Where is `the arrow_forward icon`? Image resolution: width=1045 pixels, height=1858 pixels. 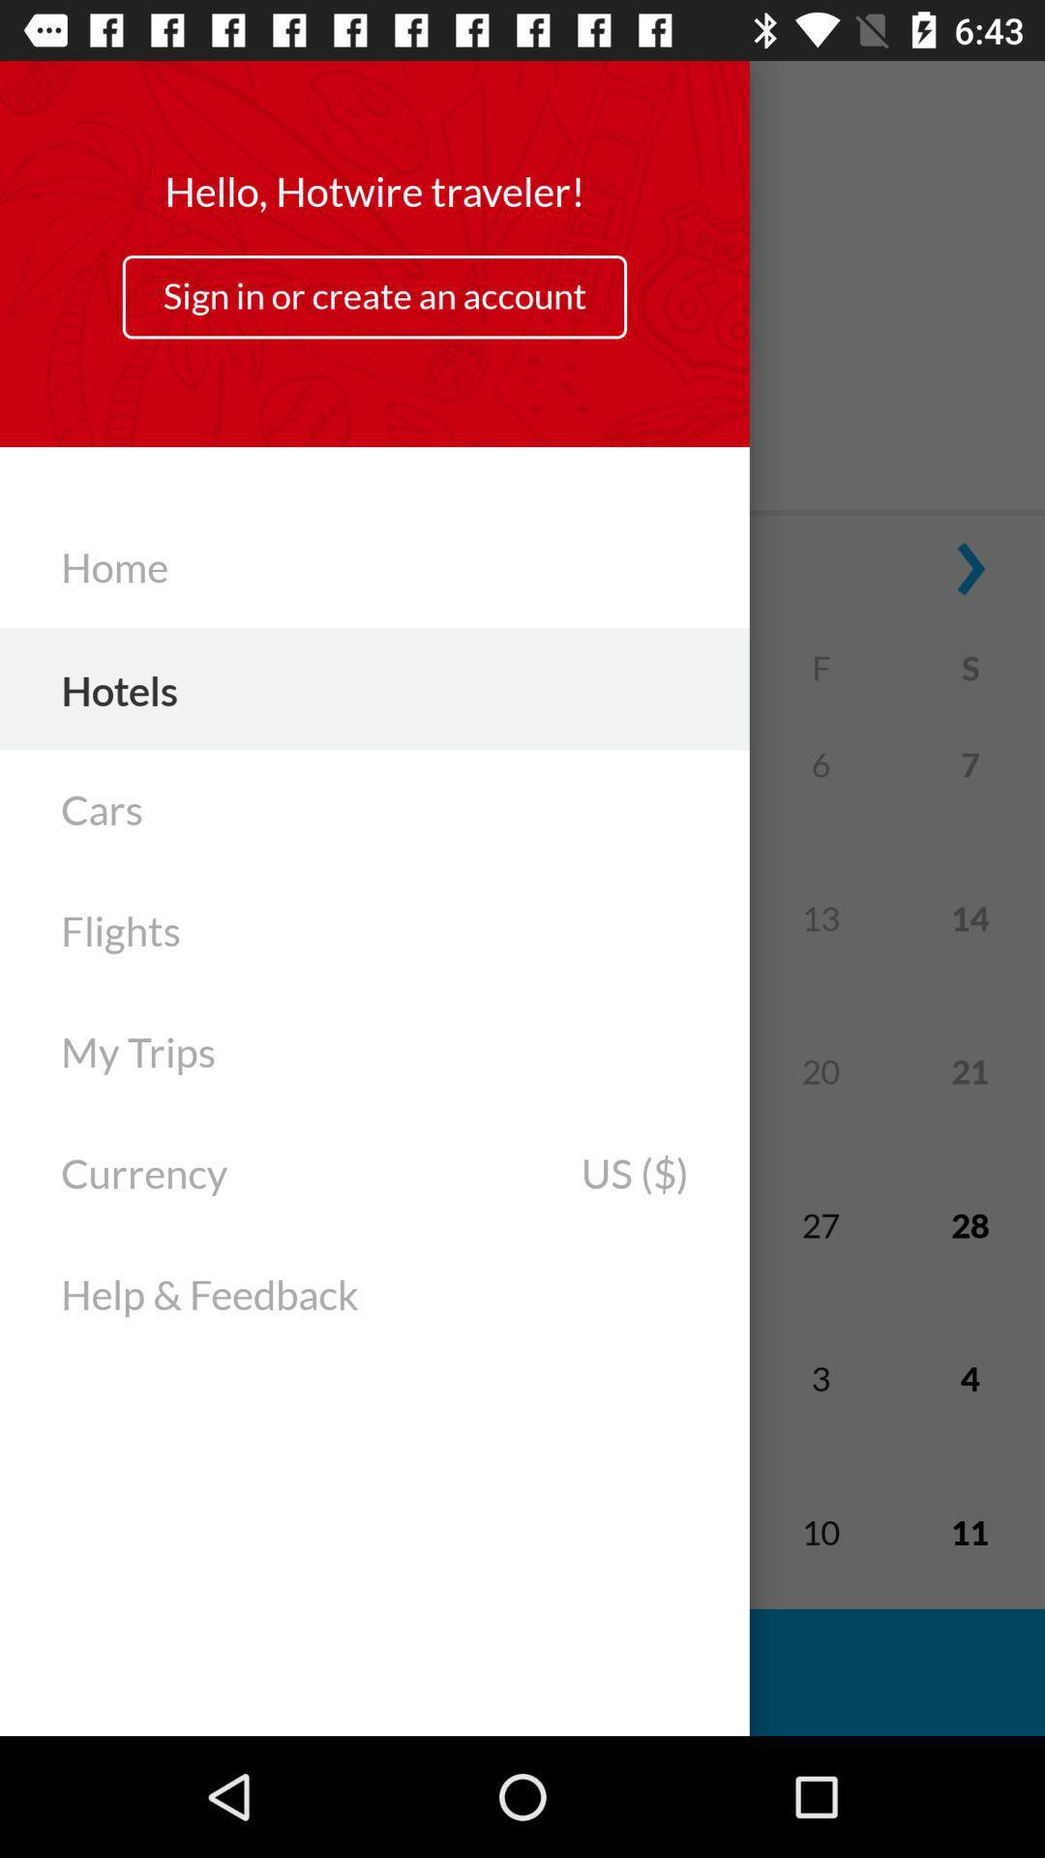
the arrow_forward icon is located at coordinates (970, 581).